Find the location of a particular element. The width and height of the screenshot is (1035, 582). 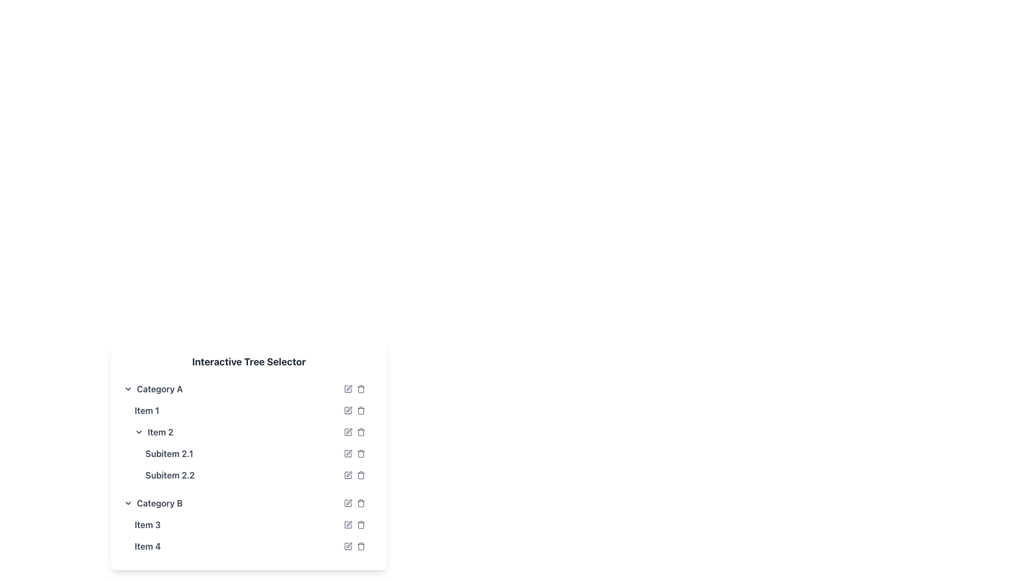

the trash bin icon, which is the fourth icon in a row of control icons next to the label 'Category A' is located at coordinates (361, 389).